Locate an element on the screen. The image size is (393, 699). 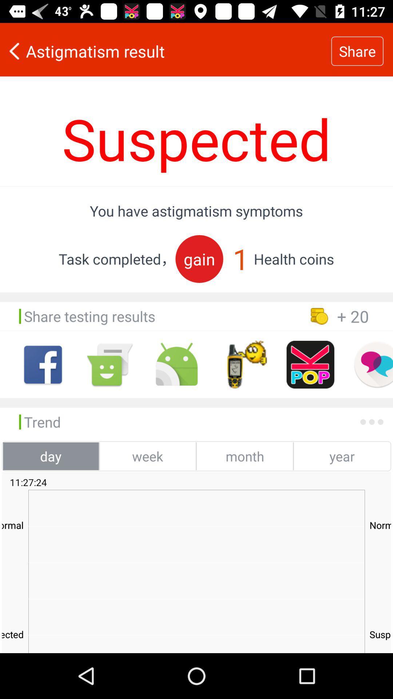
chat is located at coordinates (373, 364).